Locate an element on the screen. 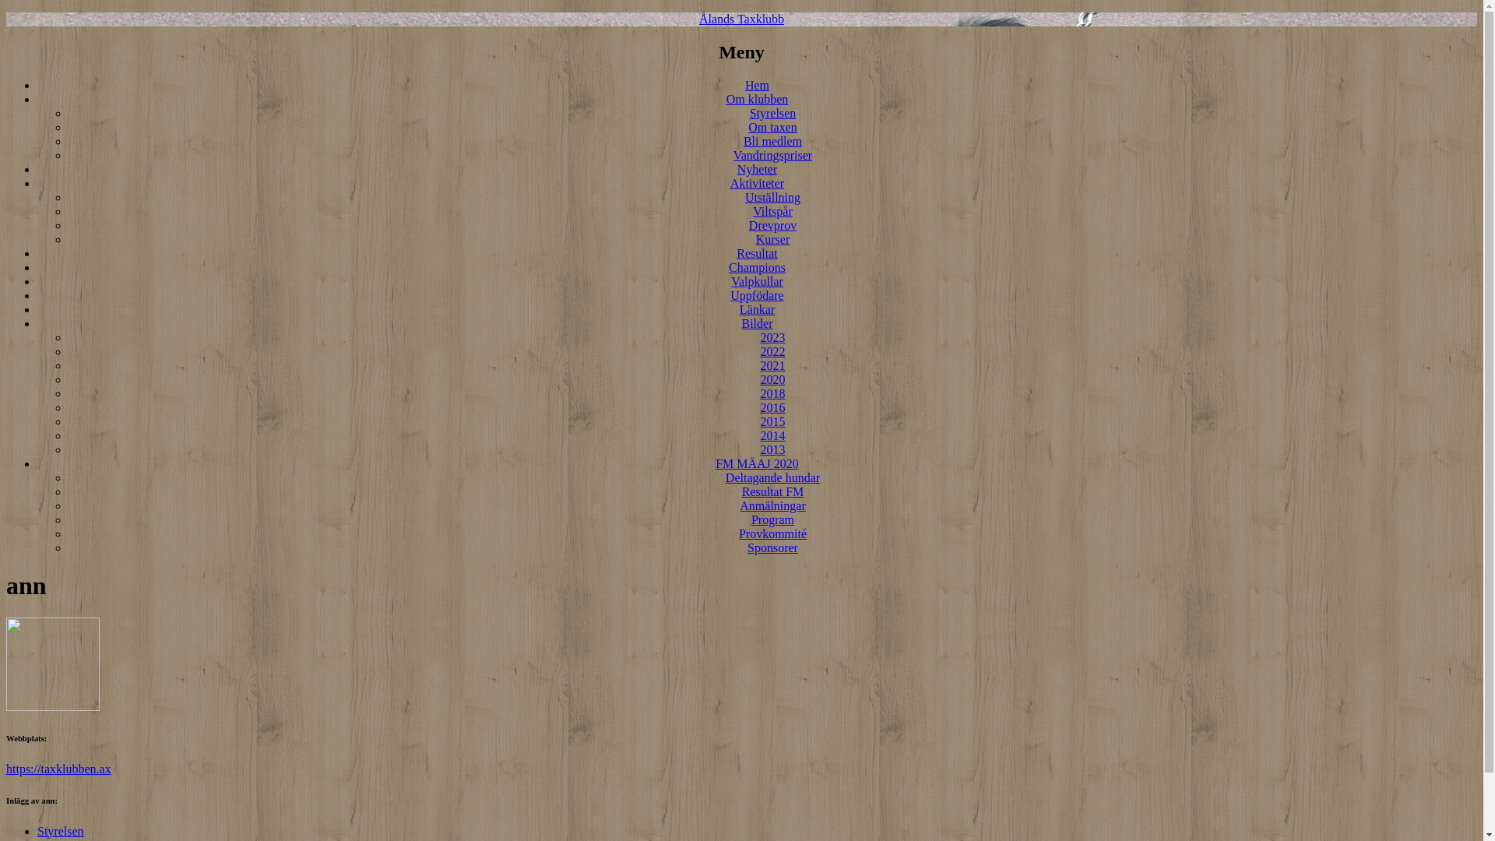  '2021' is located at coordinates (772, 365).